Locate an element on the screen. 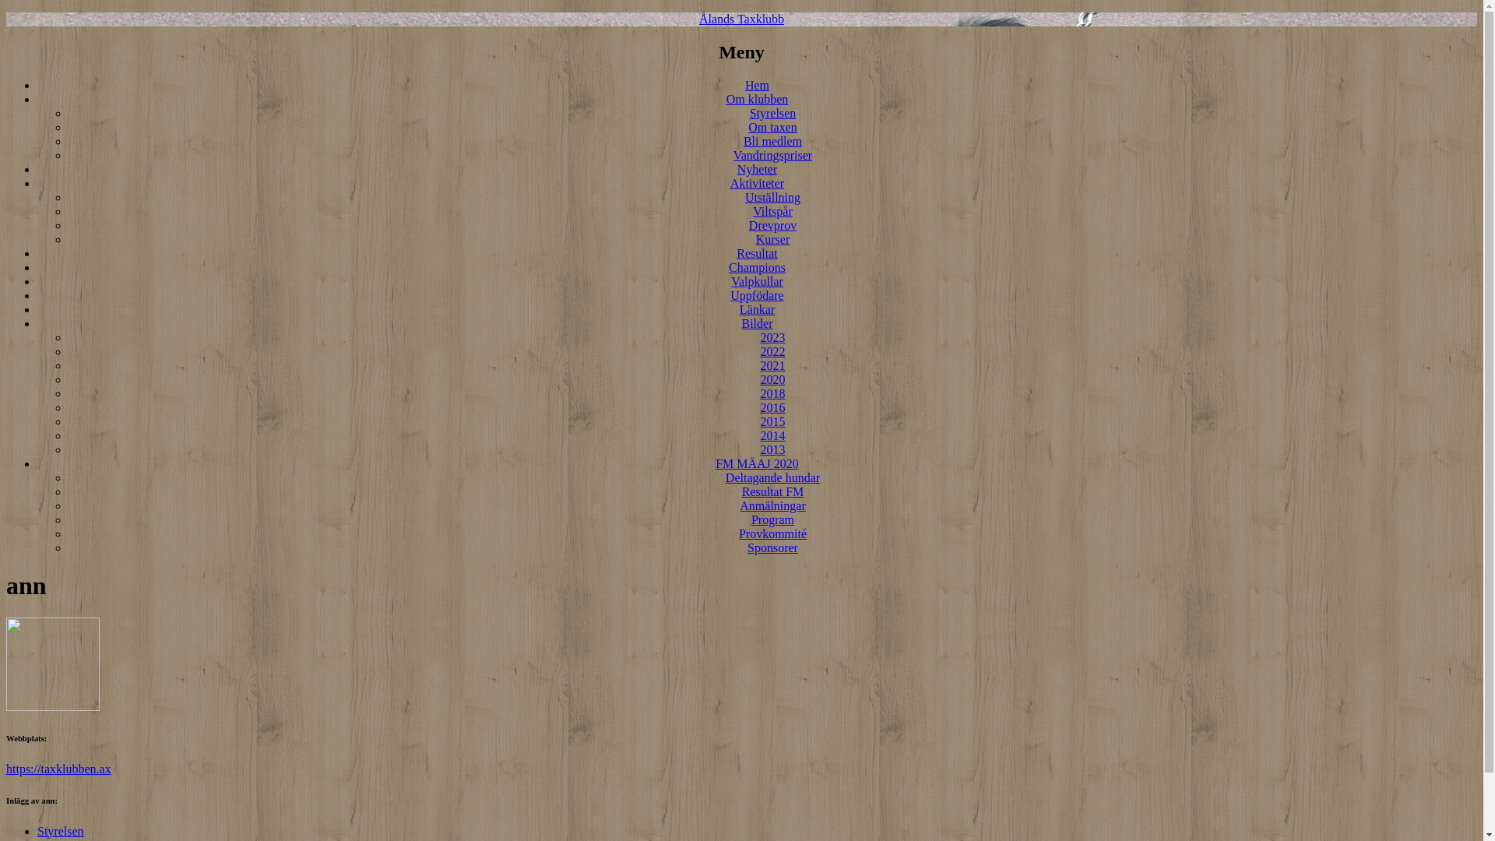  '2021' is located at coordinates (772, 365).